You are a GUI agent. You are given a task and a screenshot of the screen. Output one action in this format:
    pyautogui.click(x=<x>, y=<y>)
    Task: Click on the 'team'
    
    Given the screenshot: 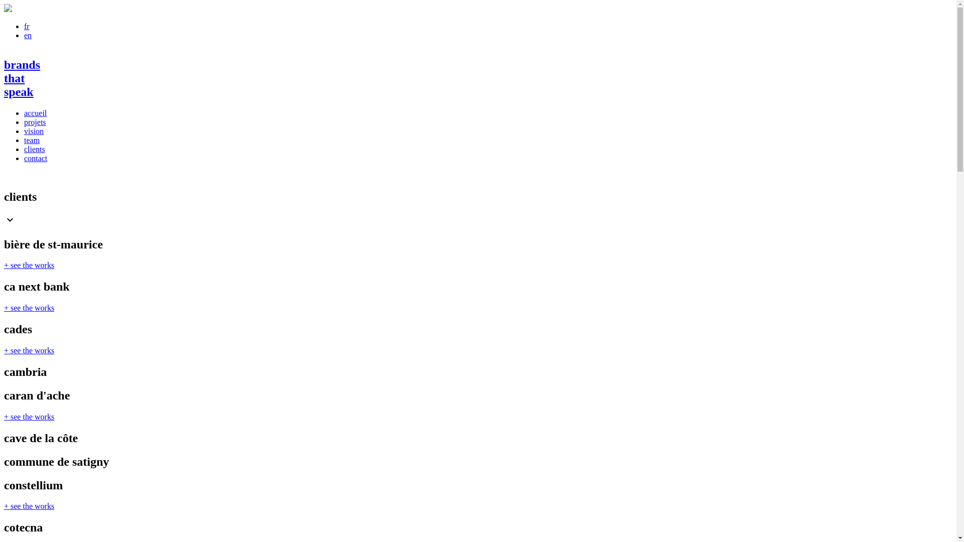 What is the action you would take?
    pyautogui.click(x=32, y=140)
    